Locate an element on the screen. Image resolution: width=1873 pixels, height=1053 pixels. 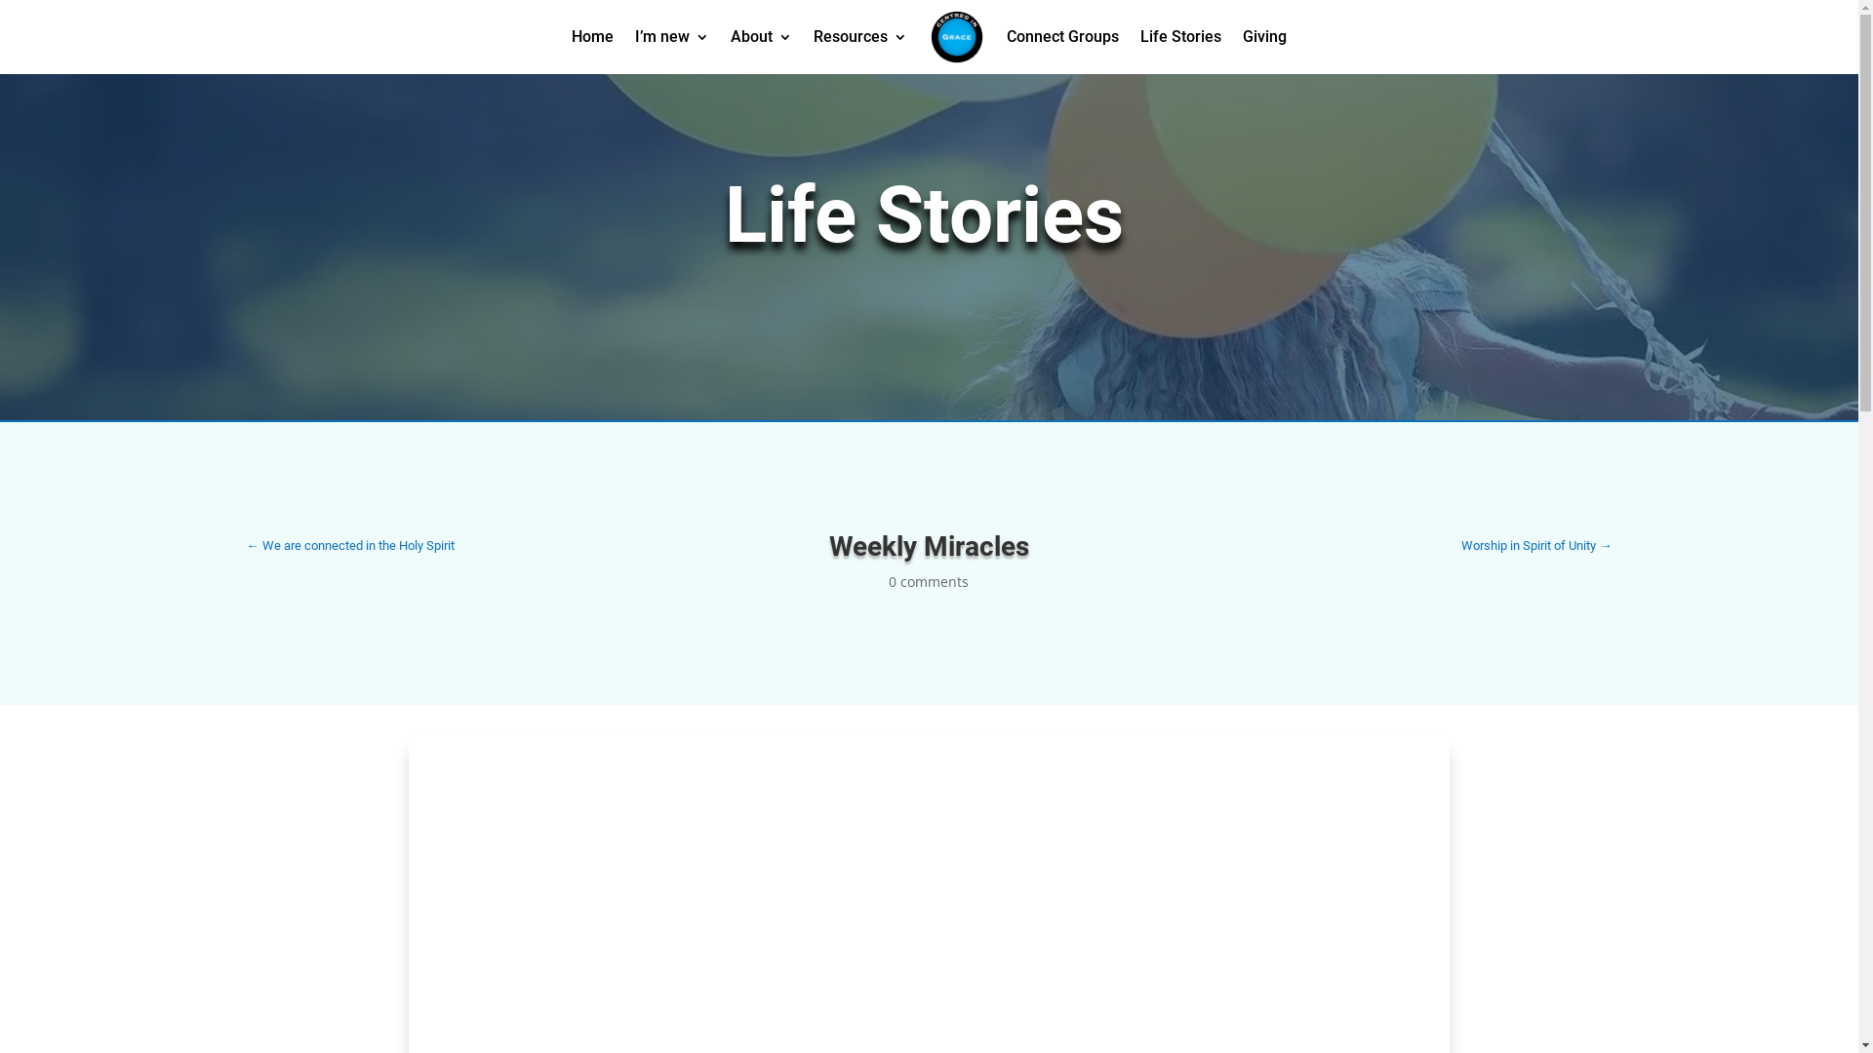
'About' is located at coordinates (729, 37).